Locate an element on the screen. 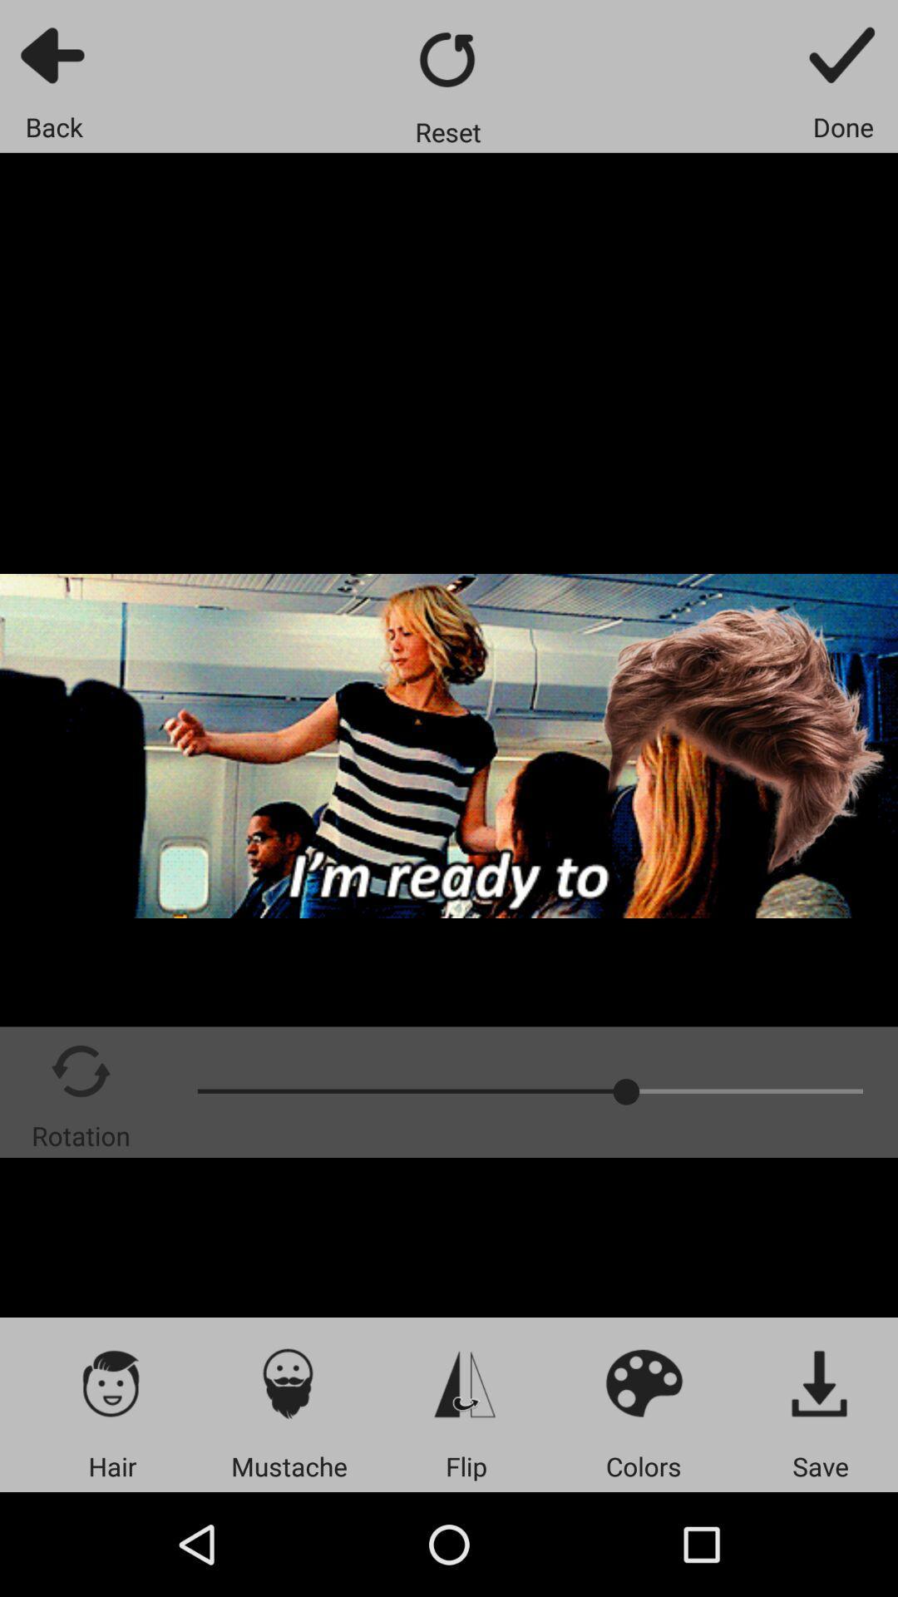  content is located at coordinates (820, 1382).